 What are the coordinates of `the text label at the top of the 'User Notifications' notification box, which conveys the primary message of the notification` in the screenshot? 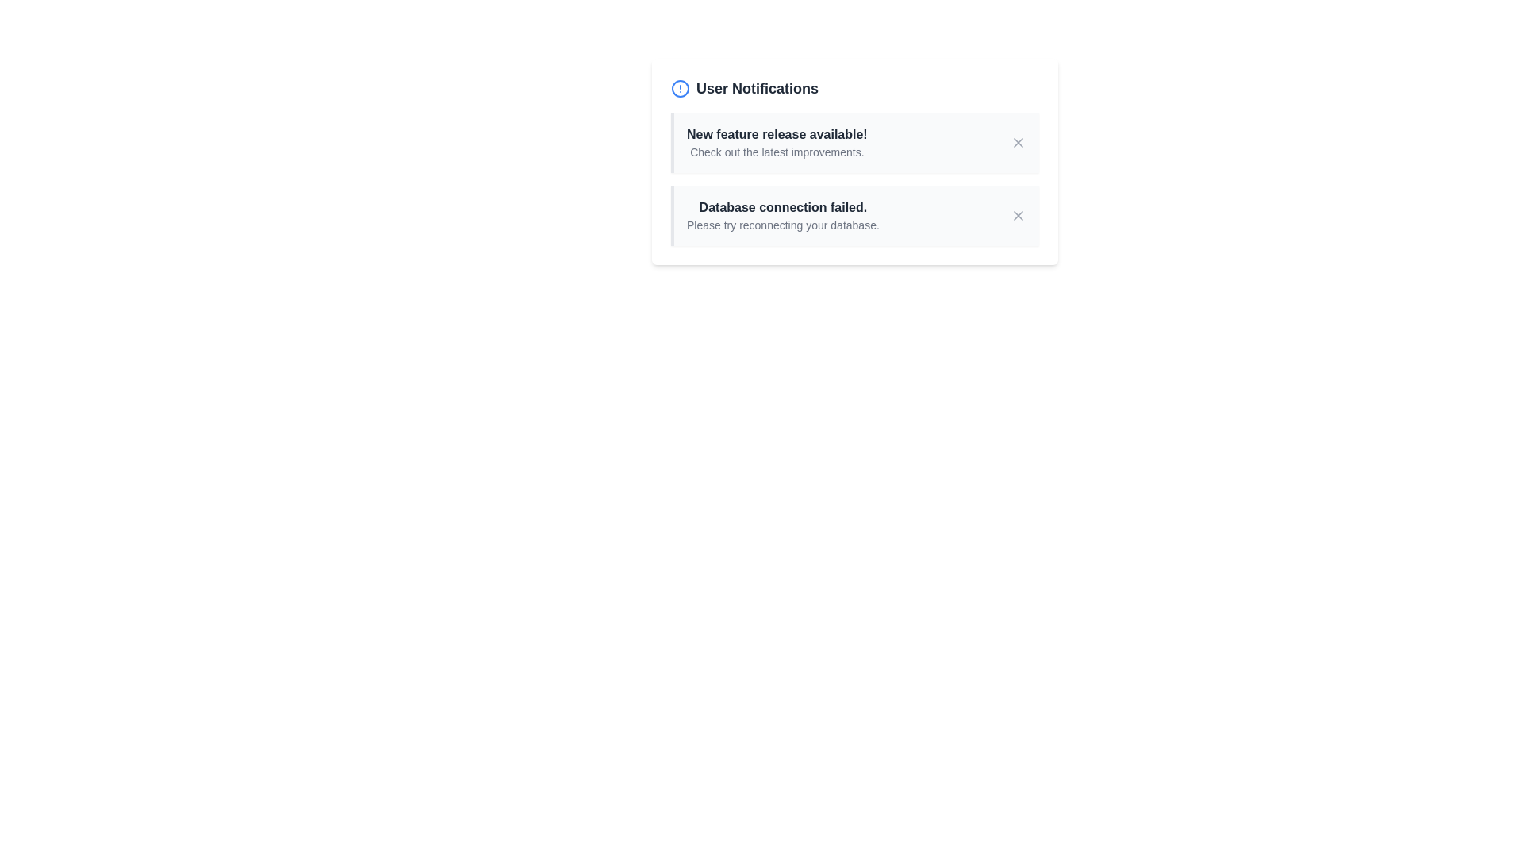 It's located at (777, 133).